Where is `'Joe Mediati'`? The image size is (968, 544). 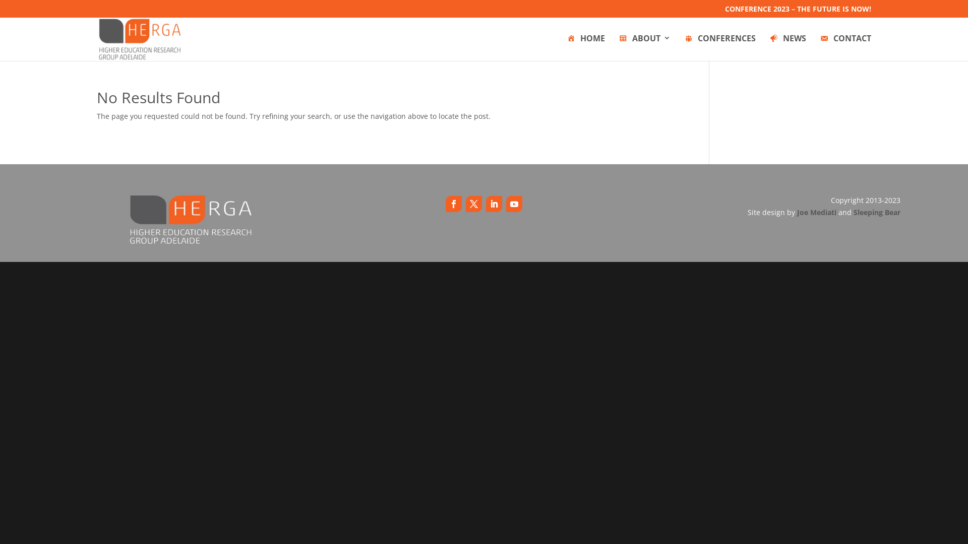 'Joe Mediati' is located at coordinates (817, 212).